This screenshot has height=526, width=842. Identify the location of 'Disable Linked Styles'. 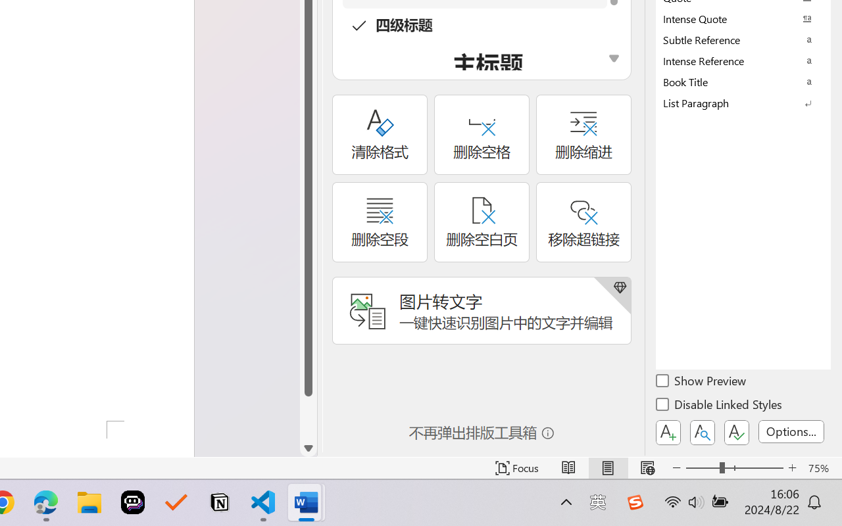
(720, 406).